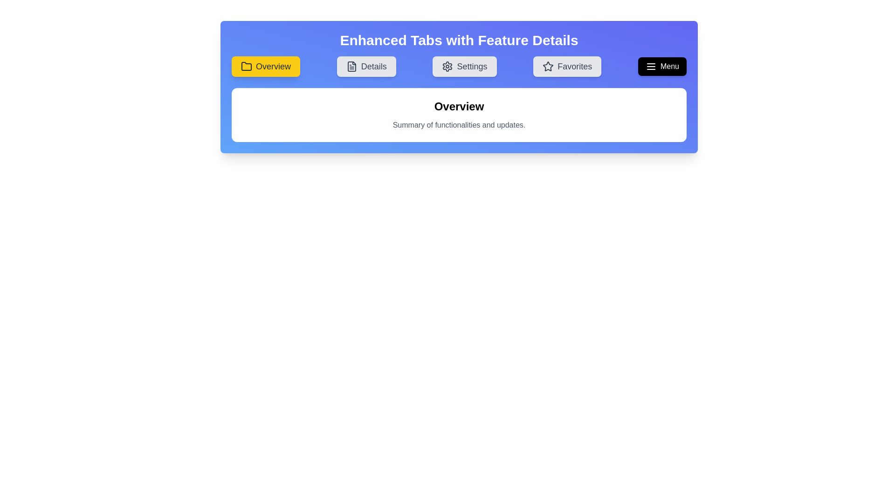  Describe the element at coordinates (650, 66) in the screenshot. I see `the menu indicator icon, which is part of the 'Menu' button located` at that location.